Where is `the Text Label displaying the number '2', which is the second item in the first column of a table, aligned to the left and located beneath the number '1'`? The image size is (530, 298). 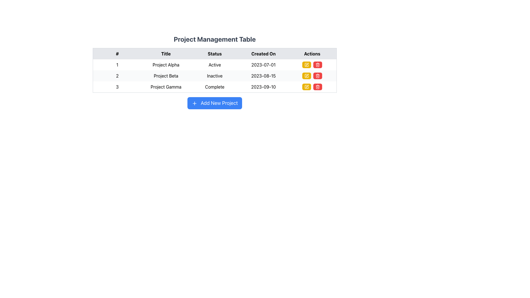 the Text Label displaying the number '2', which is the second item in the first column of a table, aligned to the left and located beneath the number '1' is located at coordinates (117, 76).